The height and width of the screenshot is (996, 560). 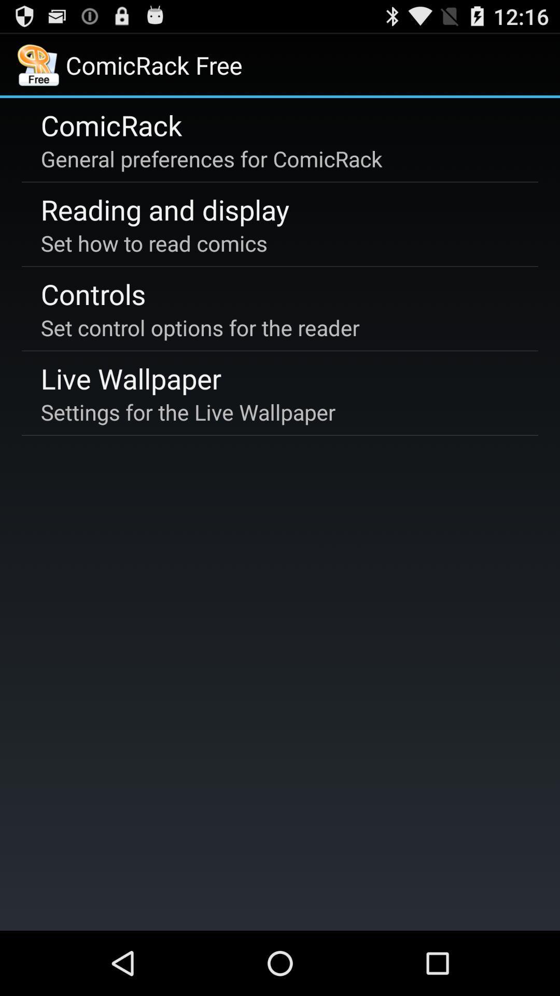 What do you see at coordinates (154, 242) in the screenshot?
I see `the set how to item` at bounding box center [154, 242].